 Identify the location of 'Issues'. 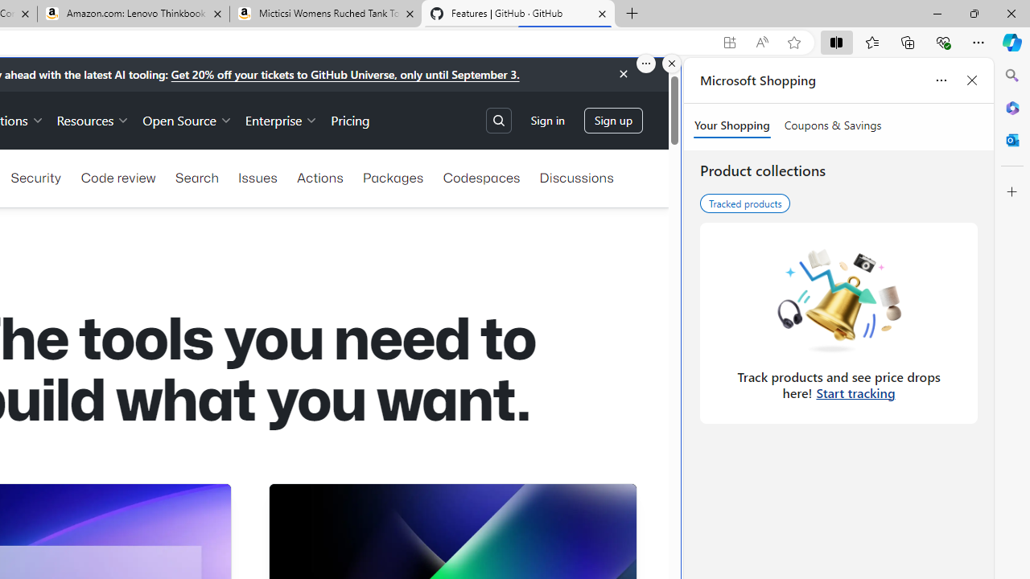
(257, 178).